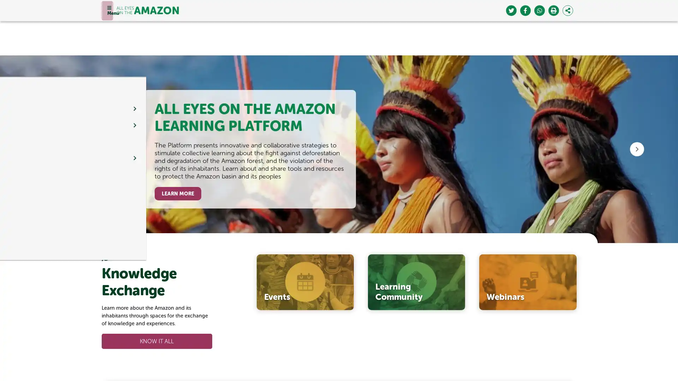  What do you see at coordinates (106, 10) in the screenshot?
I see `Toggle menu visibility` at bounding box center [106, 10].